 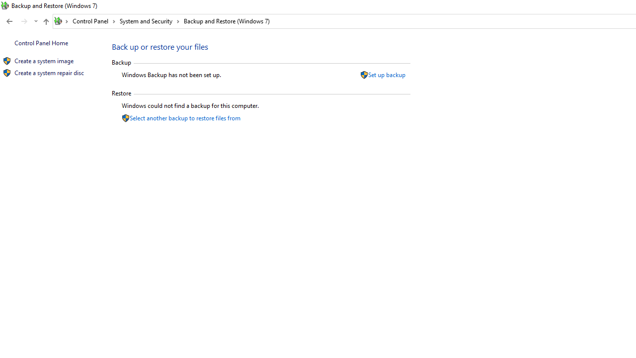 What do you see at coordinates (386, 74) in the screenshot?
I see `'Set up backup'` at bounding box center [386, 74].